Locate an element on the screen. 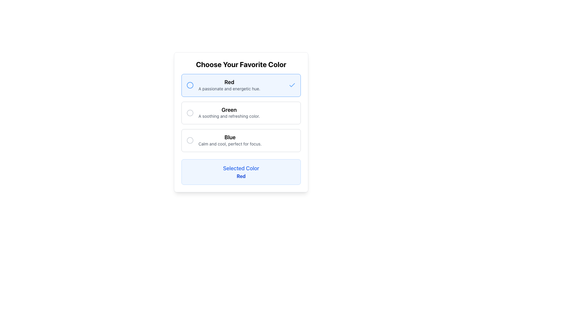 The height and width of the screenshot is (322, 573). to select the 'Green' card option, which features bold text at the top and a circle icon on the left side is located at coordinates (241, 113).